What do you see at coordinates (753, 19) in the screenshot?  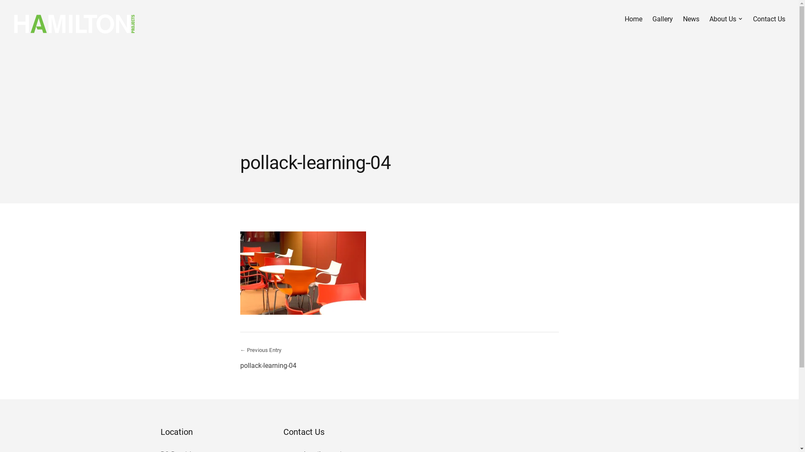 I see `'Contact Us'` at bounding box center [753, 19].